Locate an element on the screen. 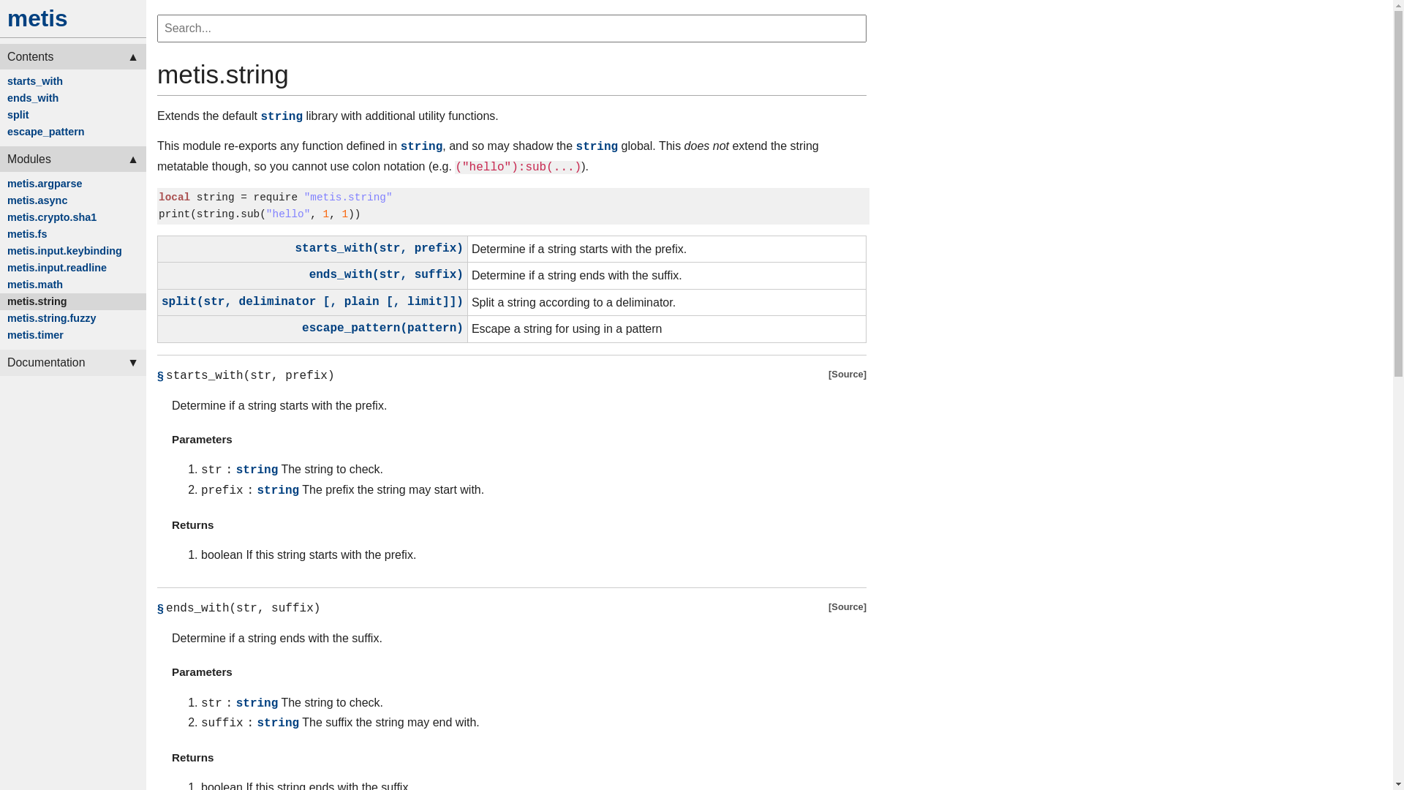 The height and width of the screenshot is (790, 1404). 'escape_pattern' is located at coordinates (72, 132).